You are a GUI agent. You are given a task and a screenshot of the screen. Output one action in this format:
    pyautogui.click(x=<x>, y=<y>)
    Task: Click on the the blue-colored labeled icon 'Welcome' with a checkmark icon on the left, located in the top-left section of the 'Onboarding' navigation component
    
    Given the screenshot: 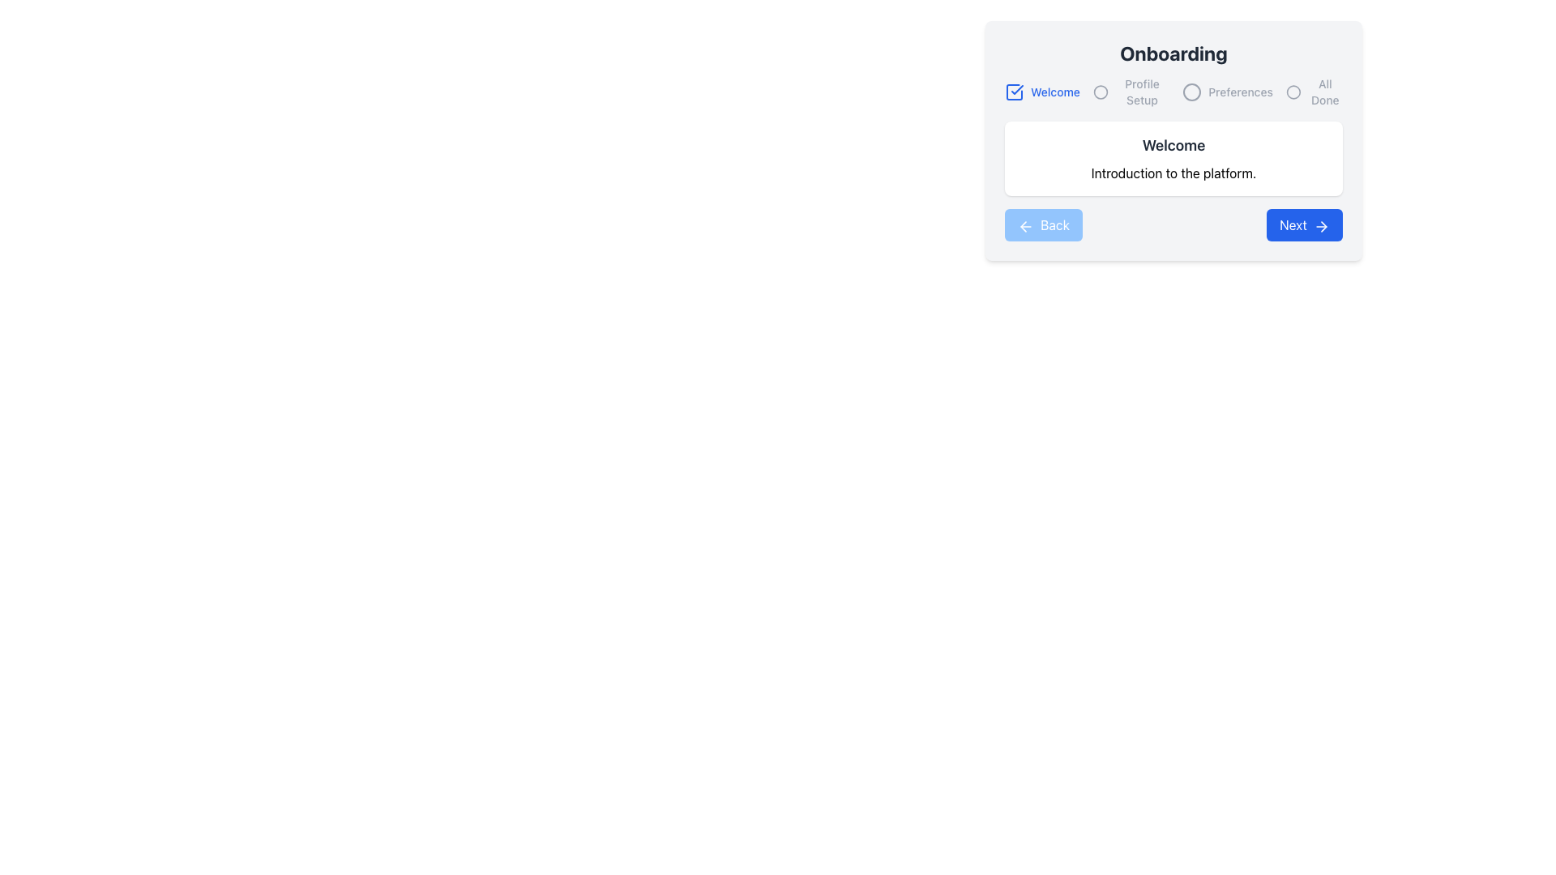 What is the action you would take?
    pyautogui.click(x=1042, y=92)
    